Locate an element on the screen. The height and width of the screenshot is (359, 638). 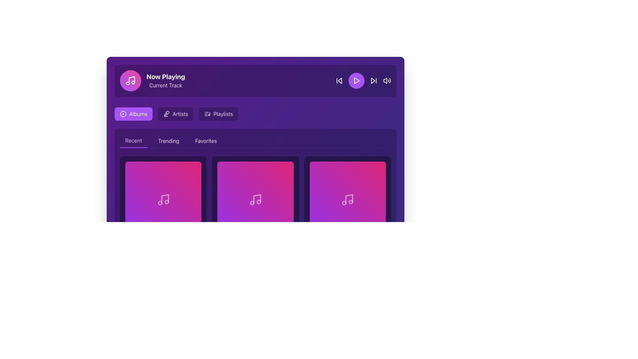
the 'Recent' tab navigation button, which is the leftmost option in the navigation bar, to potentially trigger a tooltip or visual feedback is located at coordinates (133, 141).